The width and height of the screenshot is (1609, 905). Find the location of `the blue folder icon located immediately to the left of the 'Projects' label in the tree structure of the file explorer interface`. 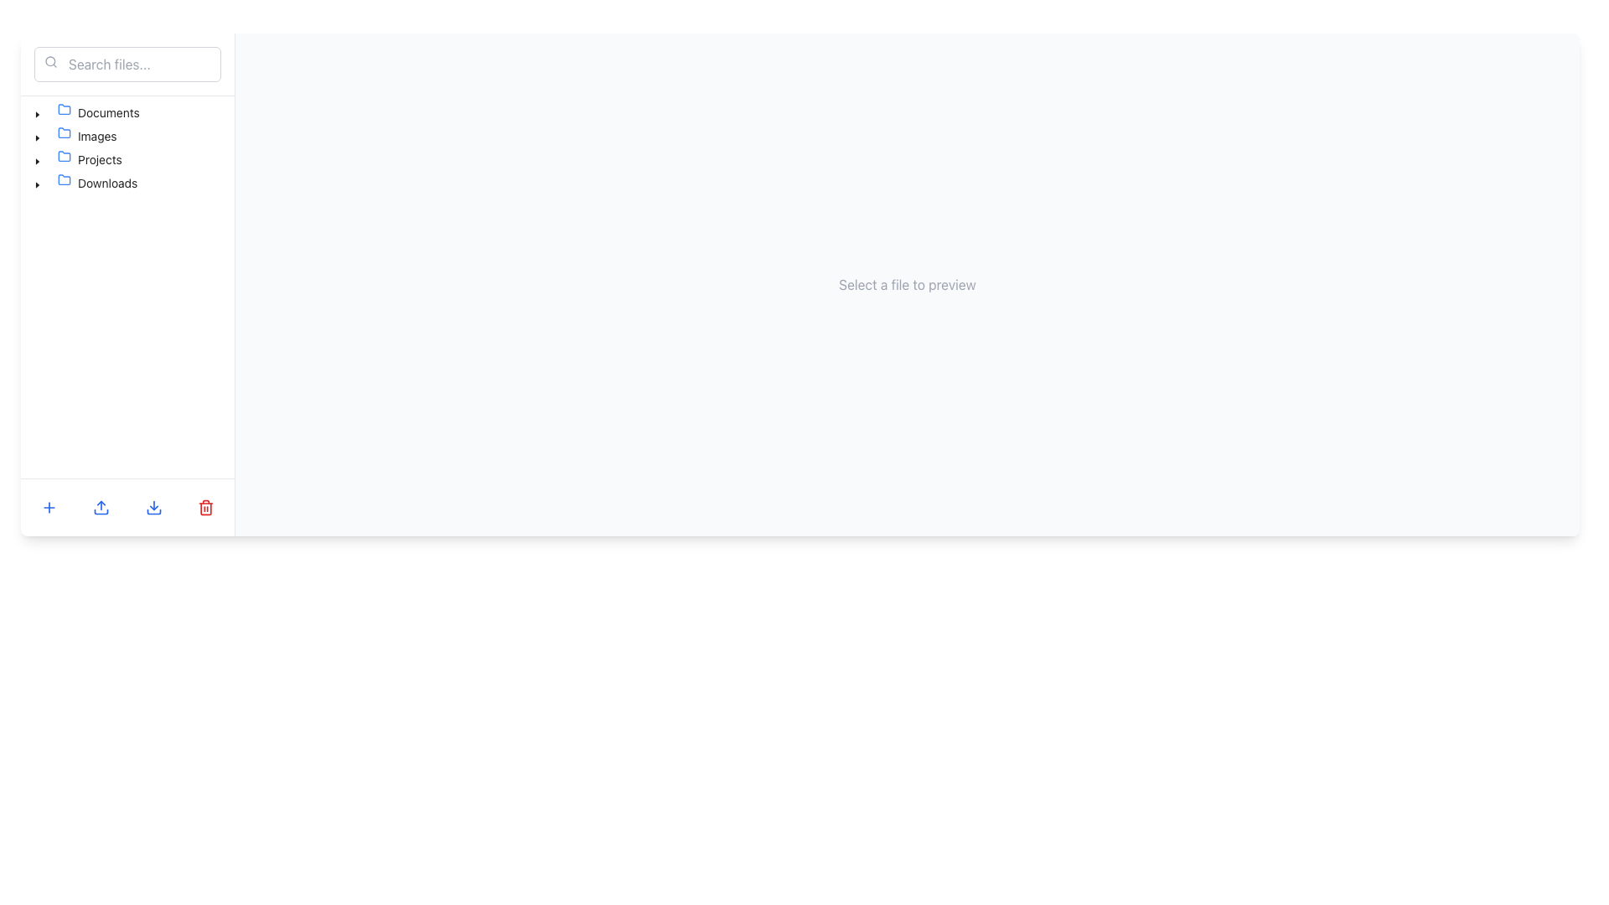

the blue folder icon located immediately to the left of the 'Projects' label in the tree structure of the file explorer interface is located at coordinates (67, 160).